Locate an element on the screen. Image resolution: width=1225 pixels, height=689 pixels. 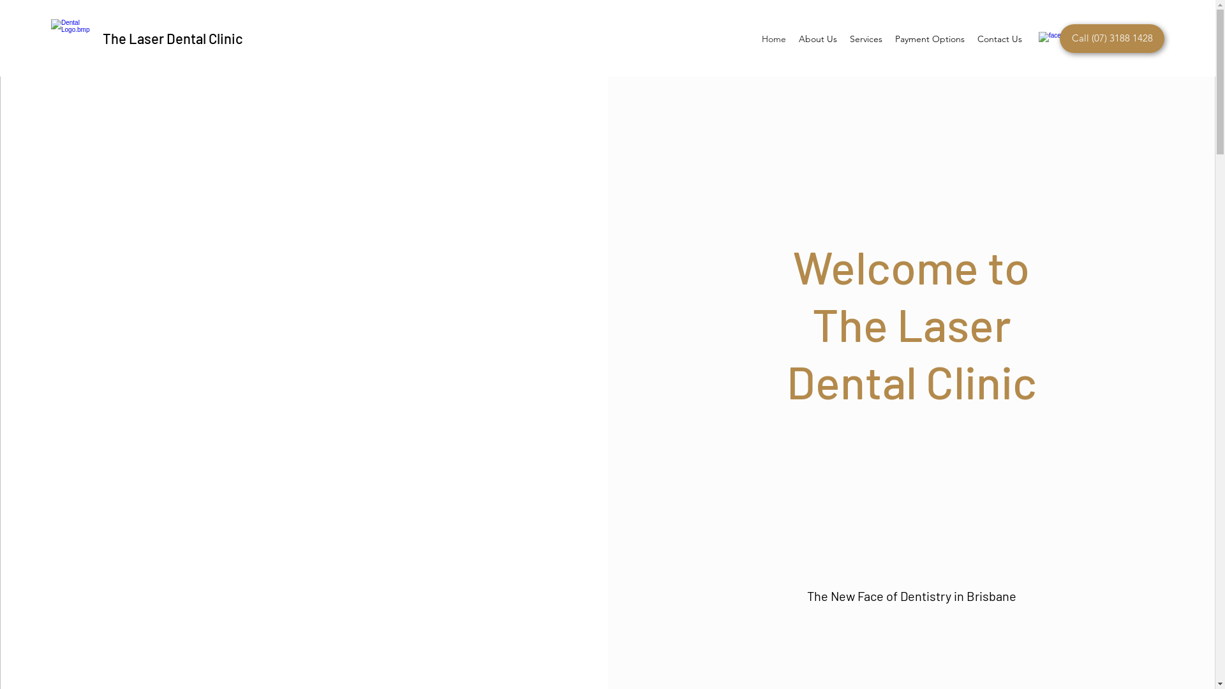
'Contact Us' is located at coordinates (999, 38).